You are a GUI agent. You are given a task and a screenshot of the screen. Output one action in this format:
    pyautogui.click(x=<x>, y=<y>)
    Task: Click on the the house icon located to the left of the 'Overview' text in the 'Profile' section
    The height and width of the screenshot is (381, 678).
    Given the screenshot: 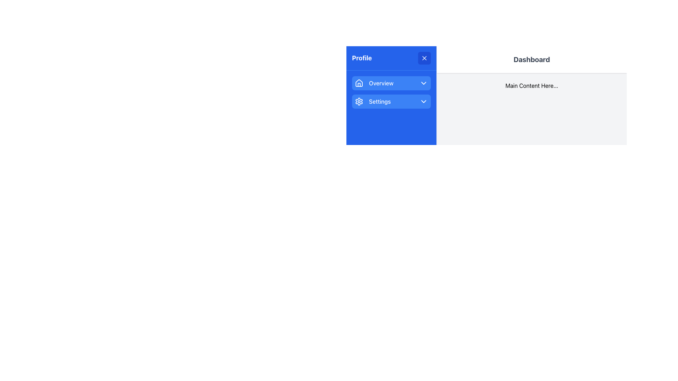 What is the action you would take?
    pyautogui.click(x=359, y=83)
    